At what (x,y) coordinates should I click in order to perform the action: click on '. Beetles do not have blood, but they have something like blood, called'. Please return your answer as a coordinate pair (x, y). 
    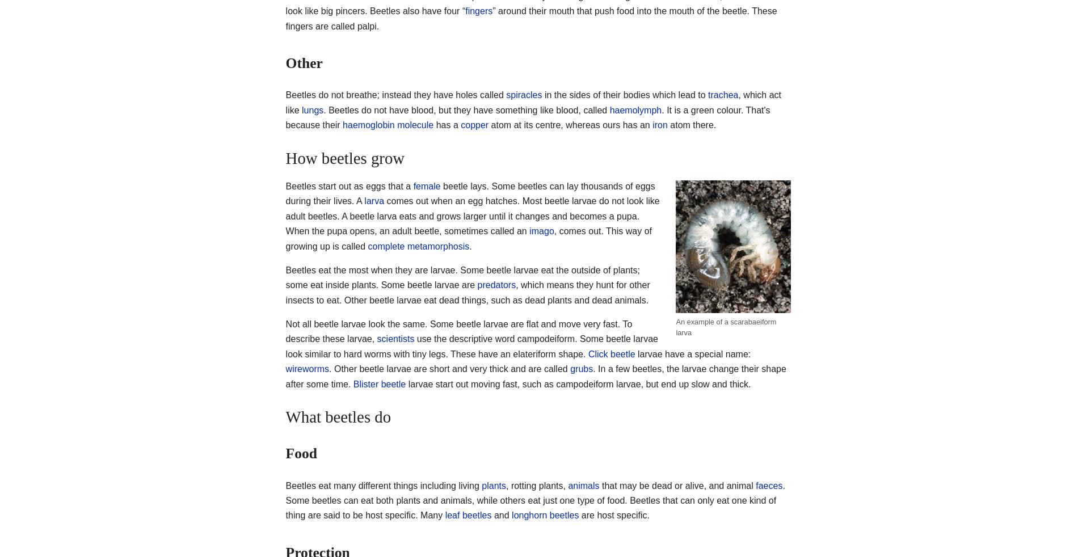
    Looking at the image, I should click on (465, 109).